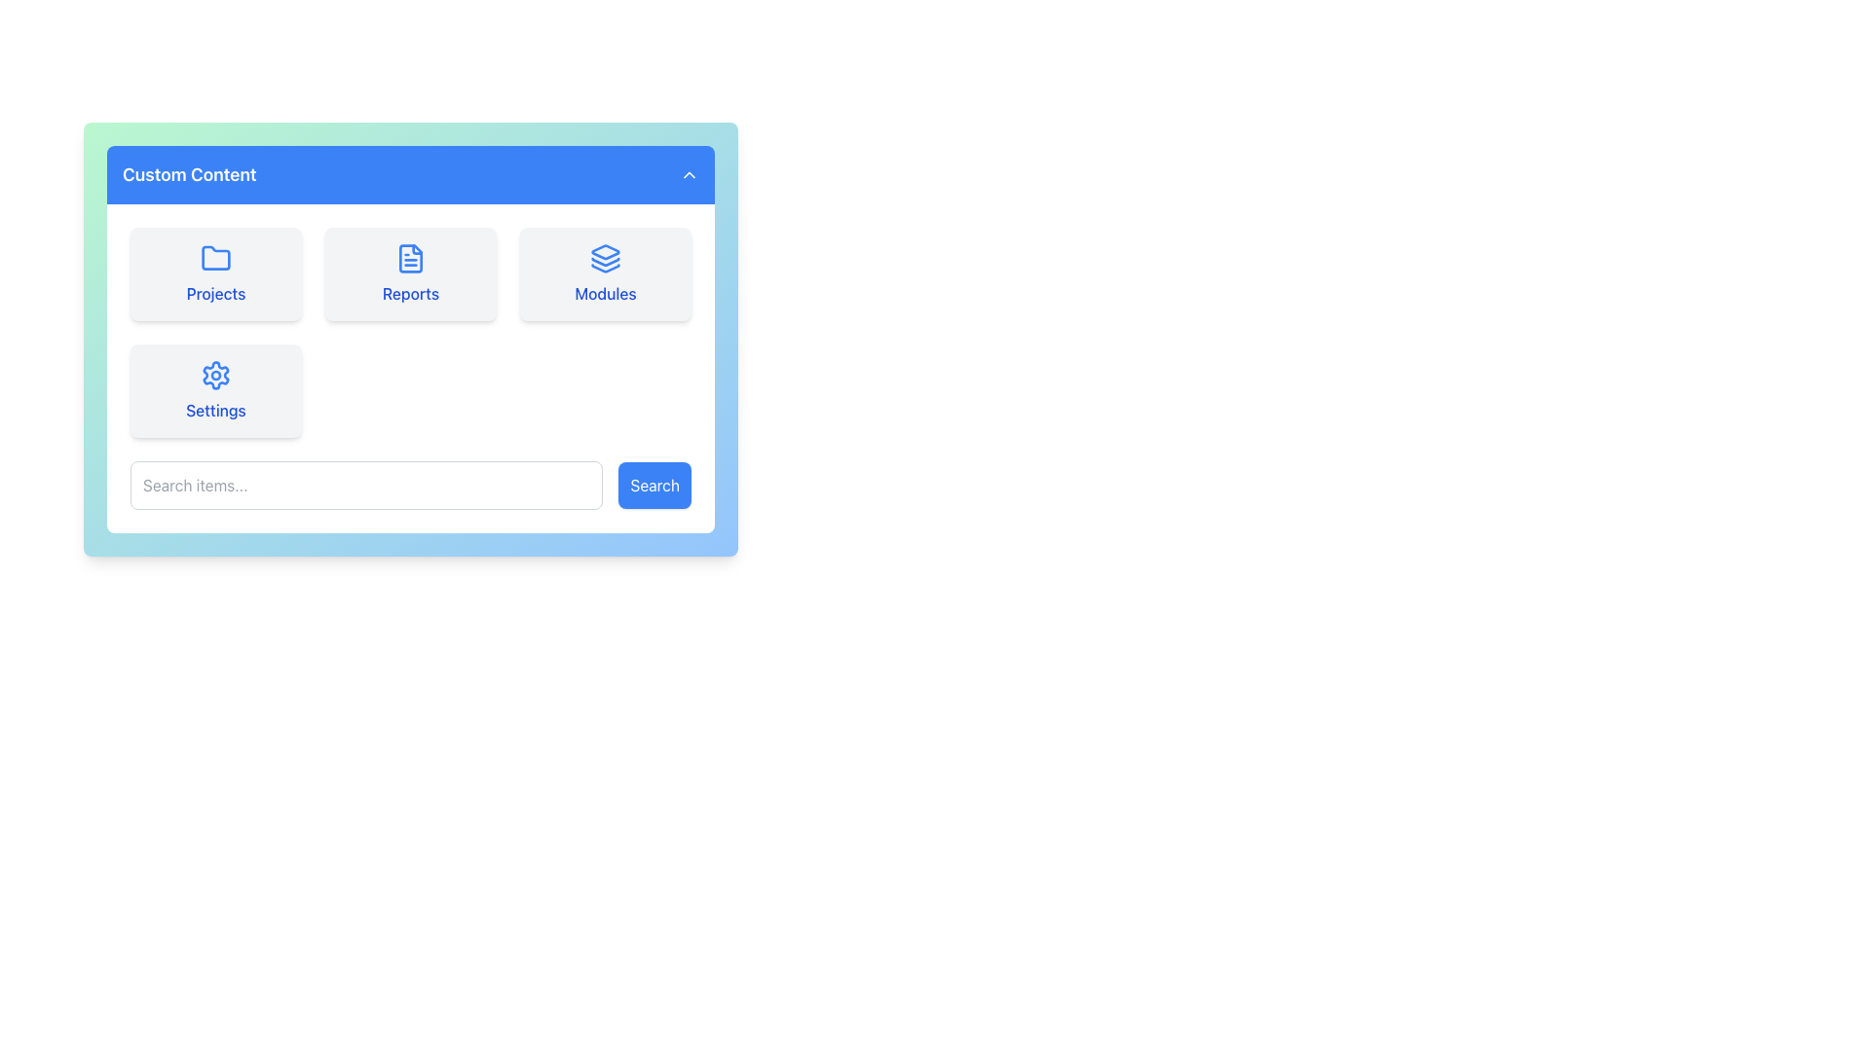 The height and width of the screenshot is (1051, 1870). What do you see at coordinates (410, 258) in the screenshot?
I see `the 'Reports' icon located centrally within the 'Reports' button of the Custom Content interface` at bounding box center [410, 258].